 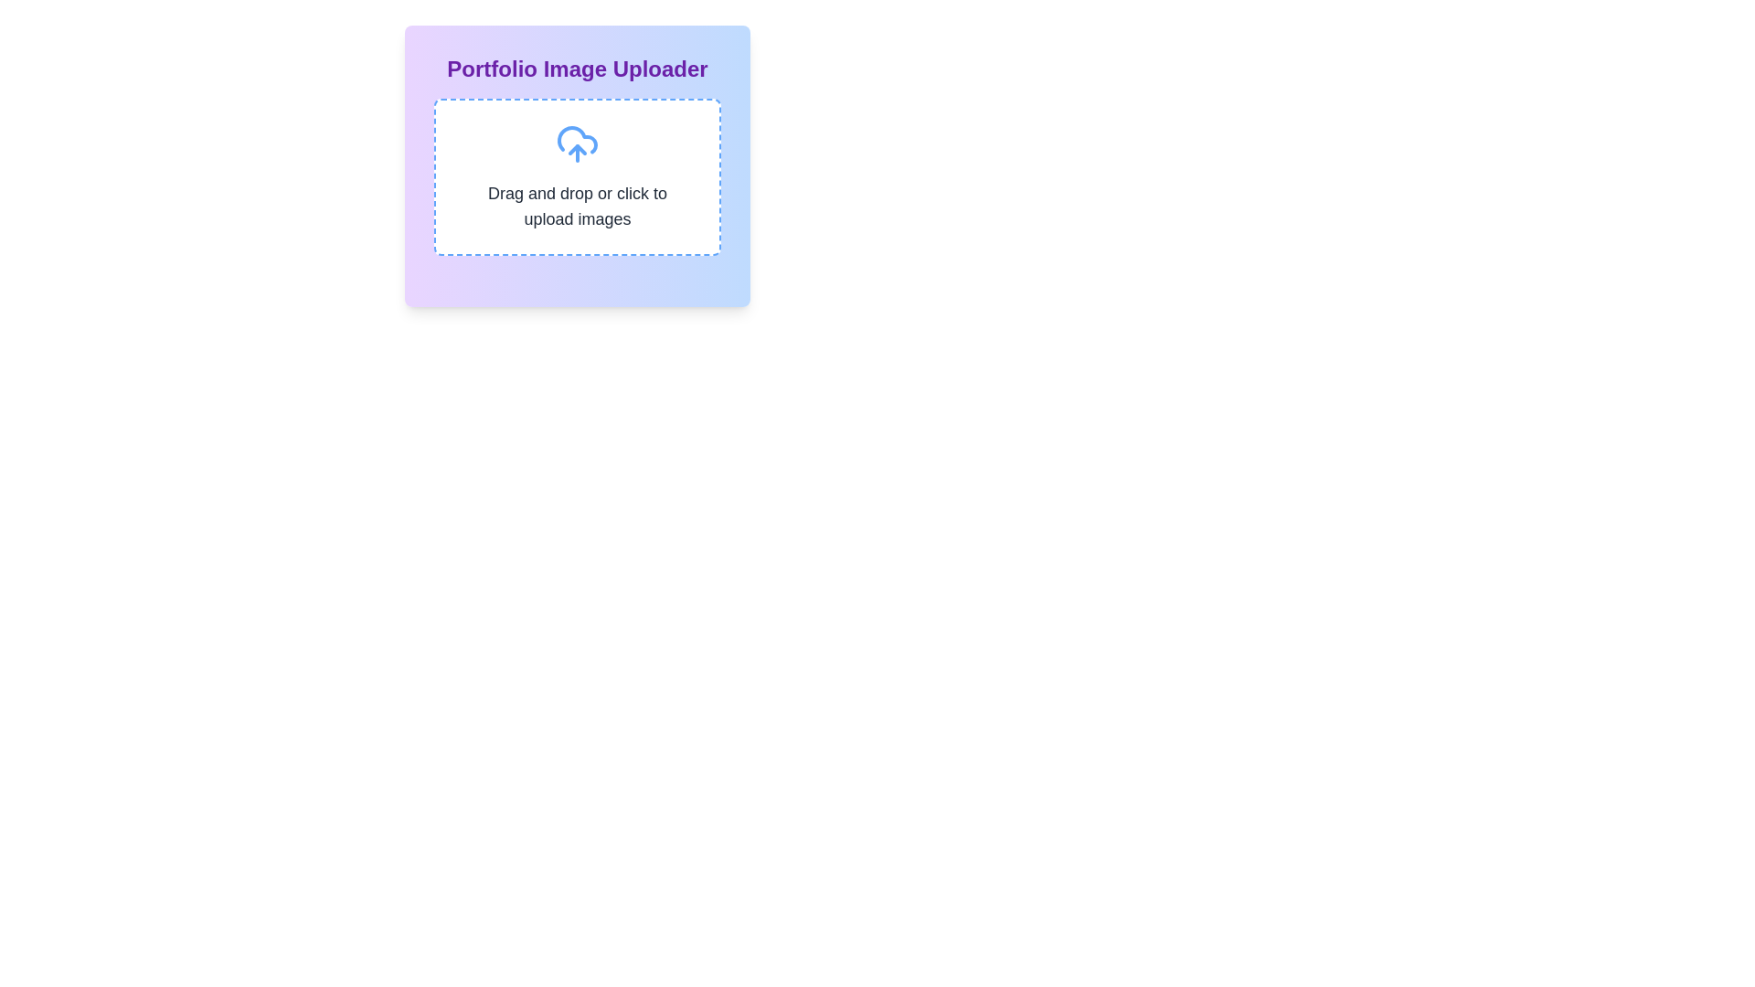 What do you see at coordinates (577, 143) in the screenshot?
I see `the cloud upload icon located at the upper center of the bordered section` at bounding box center [577, 143].